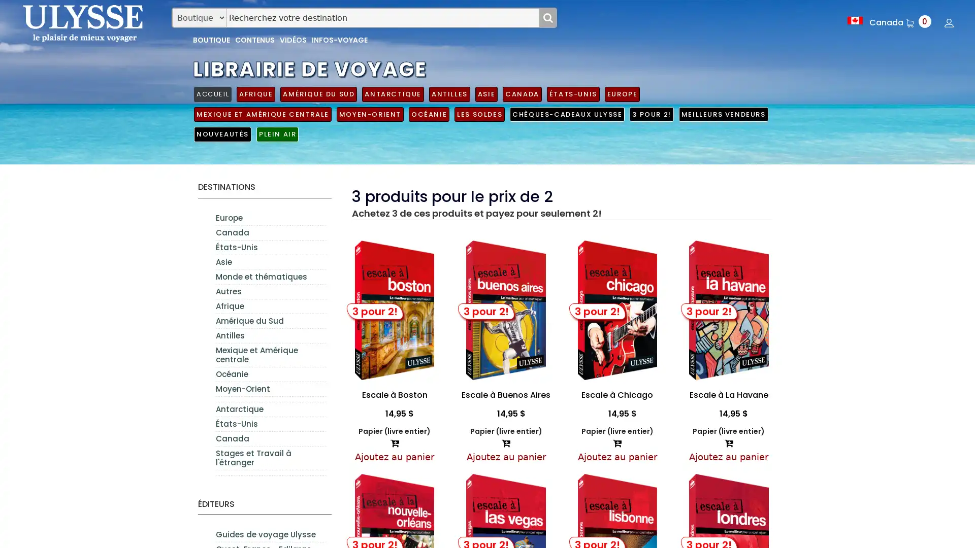 The image size is (975, 548). Describe the element at coordinates (651, 114) in the screenshot. I see `3 POUR 2!` at that location.